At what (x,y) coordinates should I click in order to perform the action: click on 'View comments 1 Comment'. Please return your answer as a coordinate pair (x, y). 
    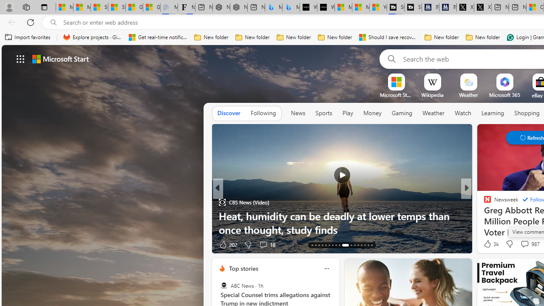
    Looking at the image, I should click on (524, 244).